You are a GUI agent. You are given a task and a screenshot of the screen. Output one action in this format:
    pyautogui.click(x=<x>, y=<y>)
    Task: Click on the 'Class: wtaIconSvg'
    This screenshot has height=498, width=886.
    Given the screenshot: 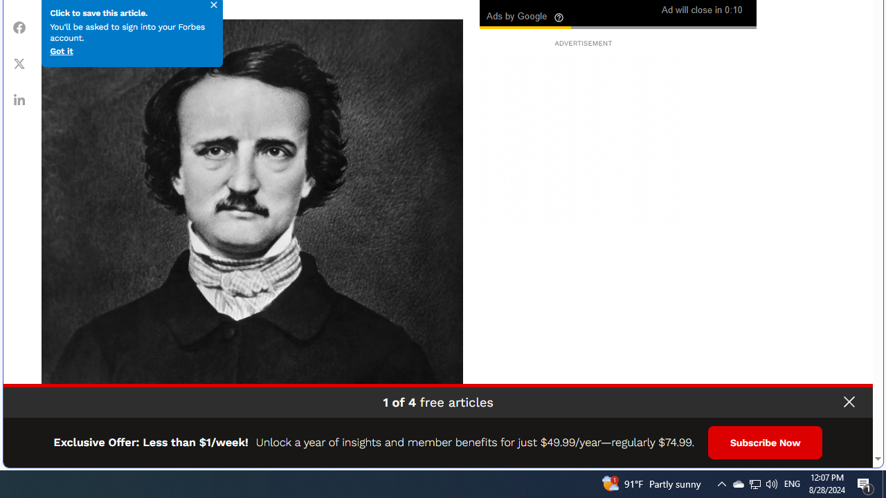 What is the action you would take?
    pyautogui.click(x=559, y=17)
    